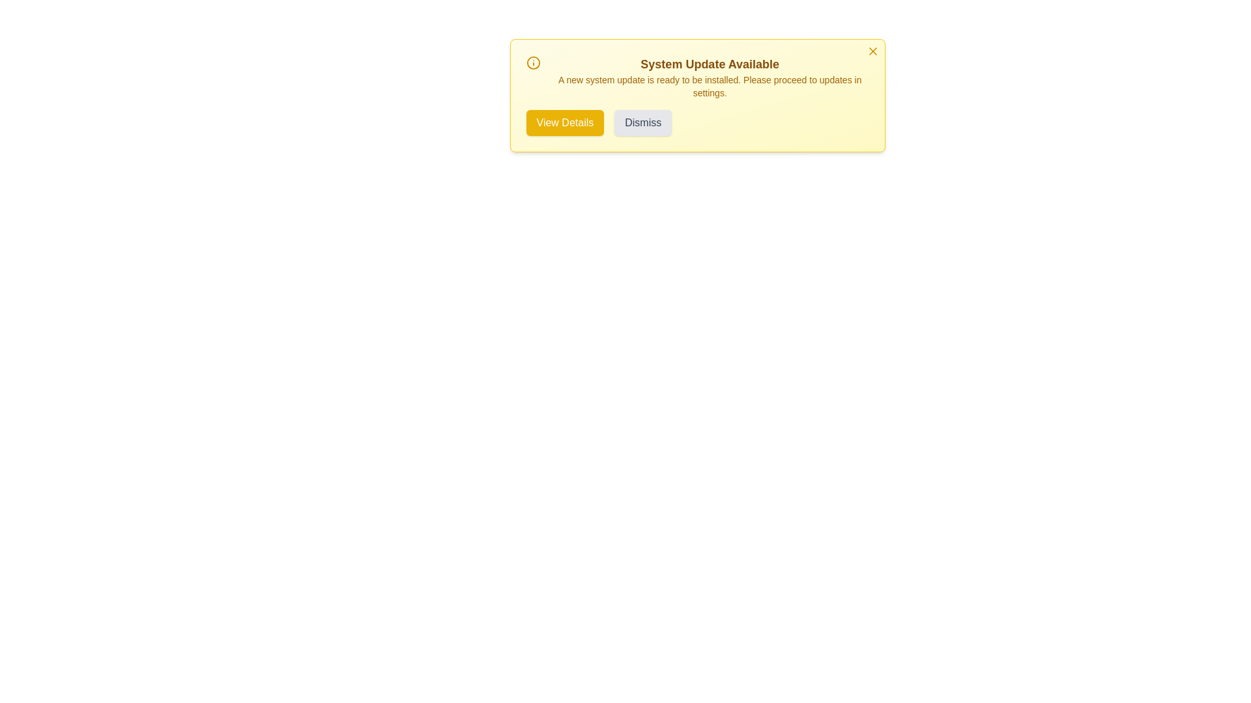  Describe the element at coordinates (709, 64) in the screenshot. I see `notification title presented by the static text element, which is centrally located within the notification card component` at that location.